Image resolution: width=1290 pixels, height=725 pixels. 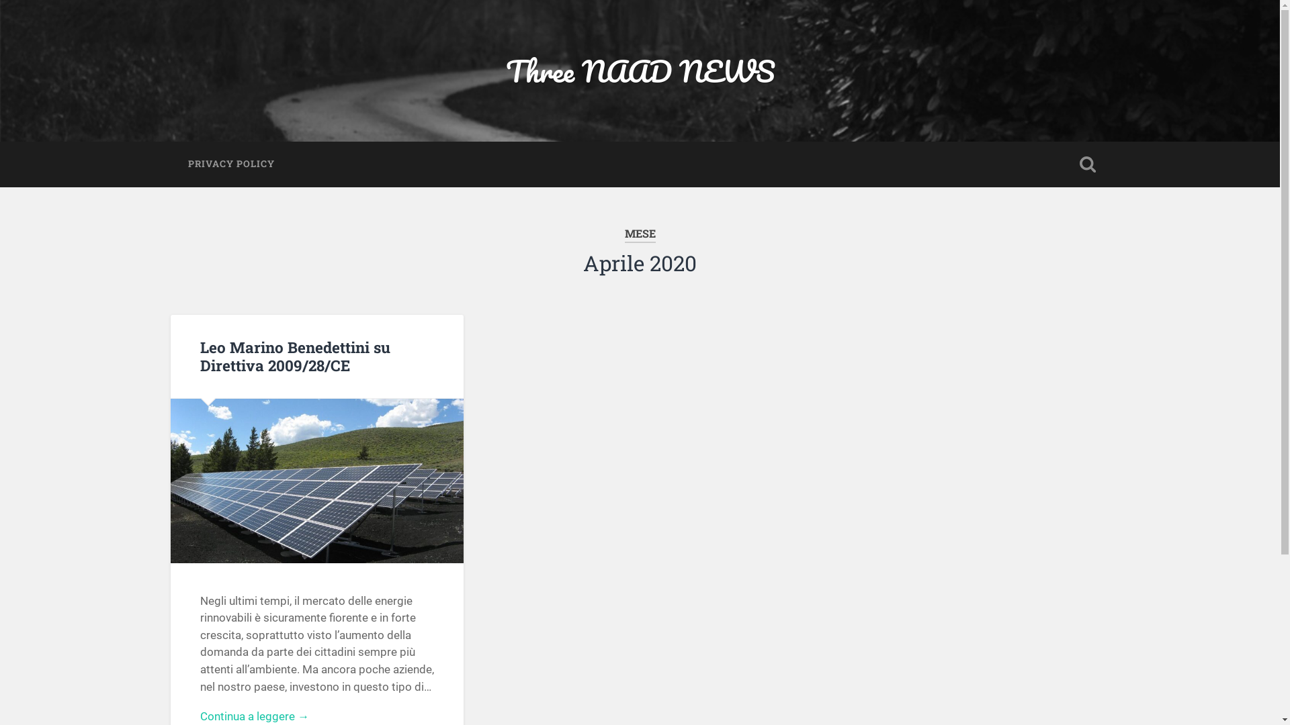 I want to click on 'PRIVACY POLICY', so click(x=230, y=164).